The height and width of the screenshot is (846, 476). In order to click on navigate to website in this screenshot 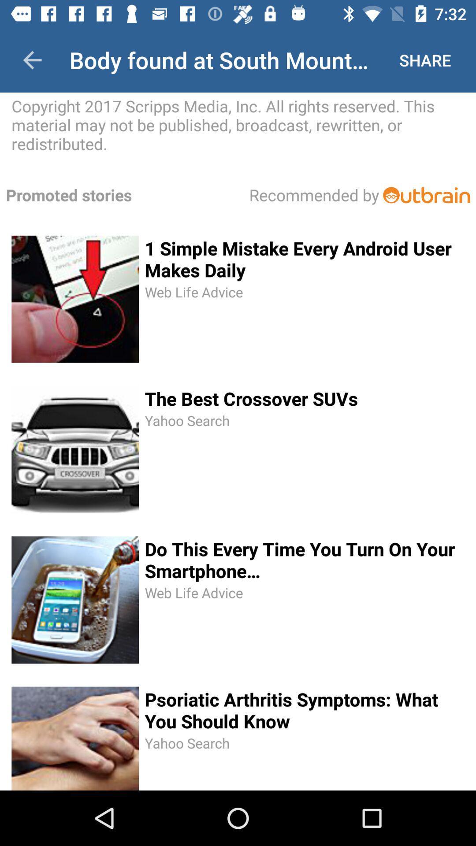, I will do `click(426, 194)`.